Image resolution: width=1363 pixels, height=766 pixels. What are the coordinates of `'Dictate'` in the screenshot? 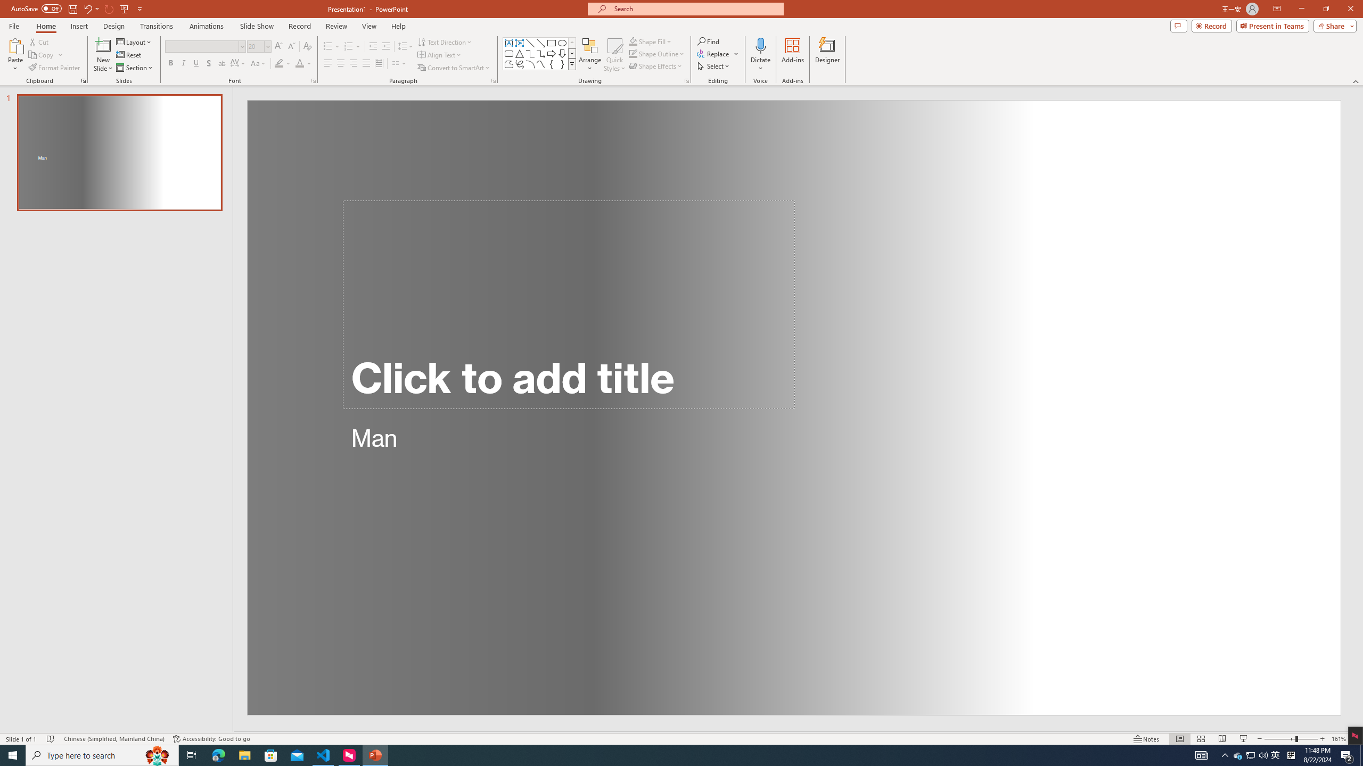 It's located at (760, 45).